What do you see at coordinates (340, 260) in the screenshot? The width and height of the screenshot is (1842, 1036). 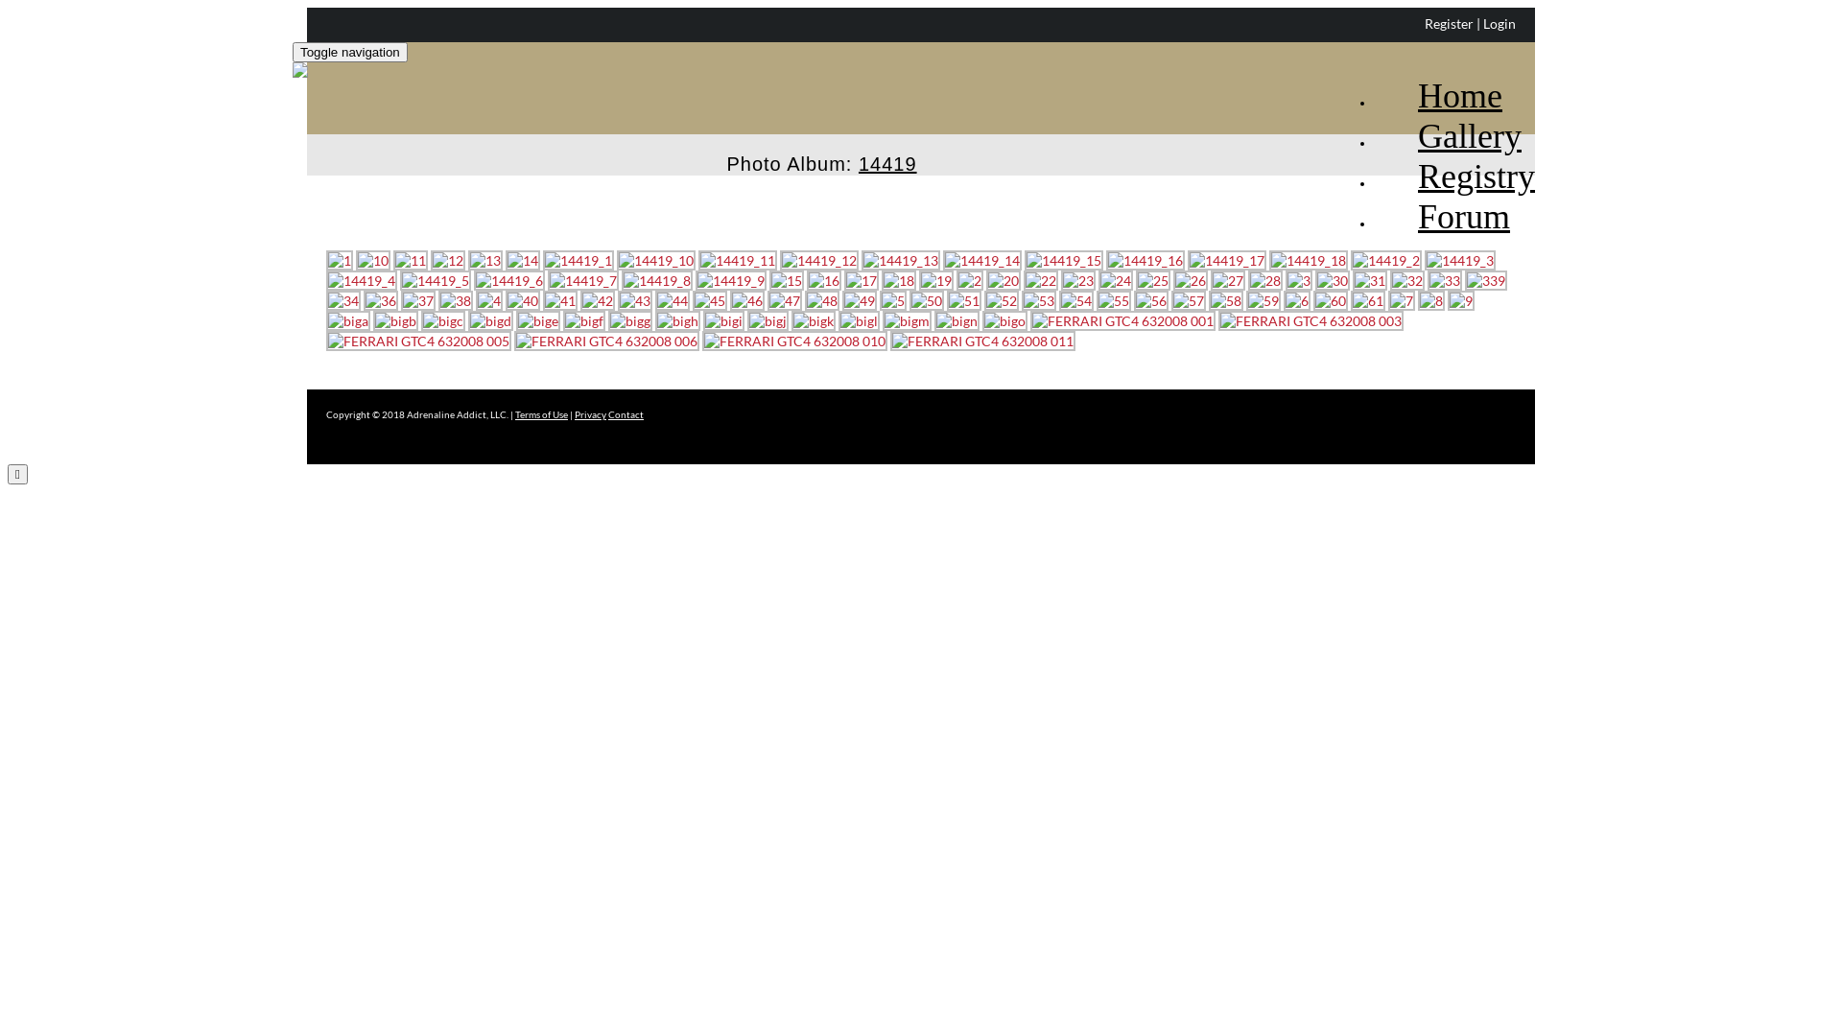 I see `'1 (click to enlarge)'` at bounding box center [340, 260].